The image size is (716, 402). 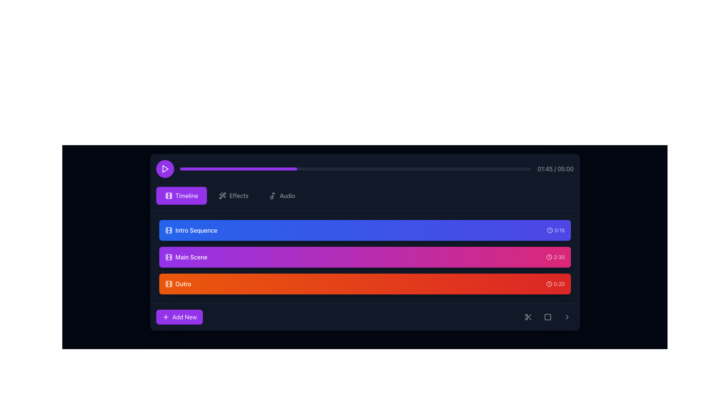 What do you see at coordinates (168, 230) in the screenshot?
I see `the 'Intro Sequence' icon, which serves as a visual representation for the entry associated with film or video content, located at the beginning of the list of scenes` at bounding box center [168, 230].